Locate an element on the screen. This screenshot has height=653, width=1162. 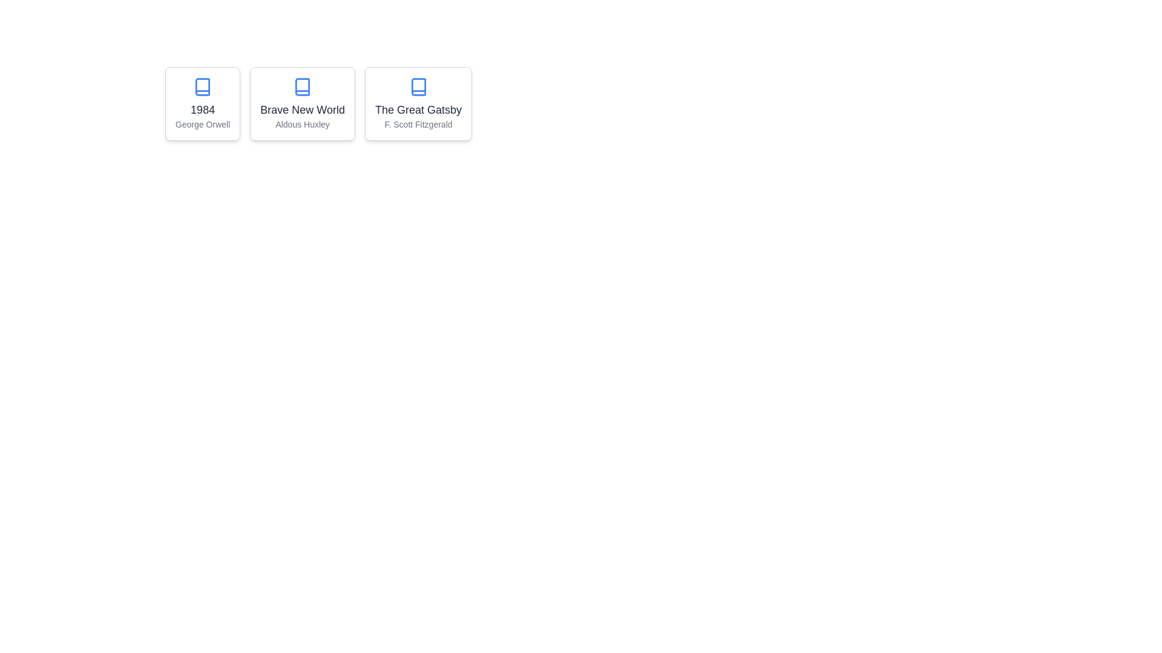
the blue book icon located at the top portion of the card labeled 'Brave New World' by 'Aldous Huxley', which visually represents the content type of the card is located at coordinates (303, 86).